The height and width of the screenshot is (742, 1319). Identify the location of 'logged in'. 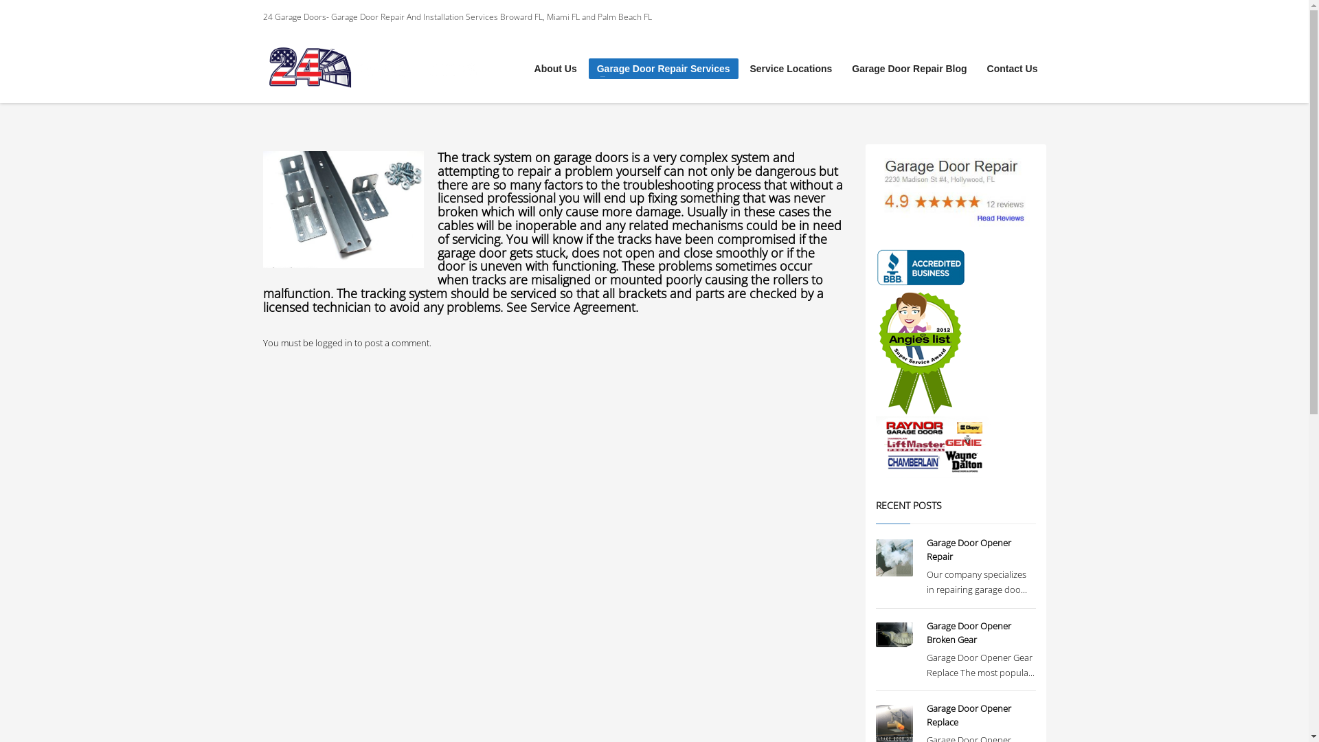
(334, 341).